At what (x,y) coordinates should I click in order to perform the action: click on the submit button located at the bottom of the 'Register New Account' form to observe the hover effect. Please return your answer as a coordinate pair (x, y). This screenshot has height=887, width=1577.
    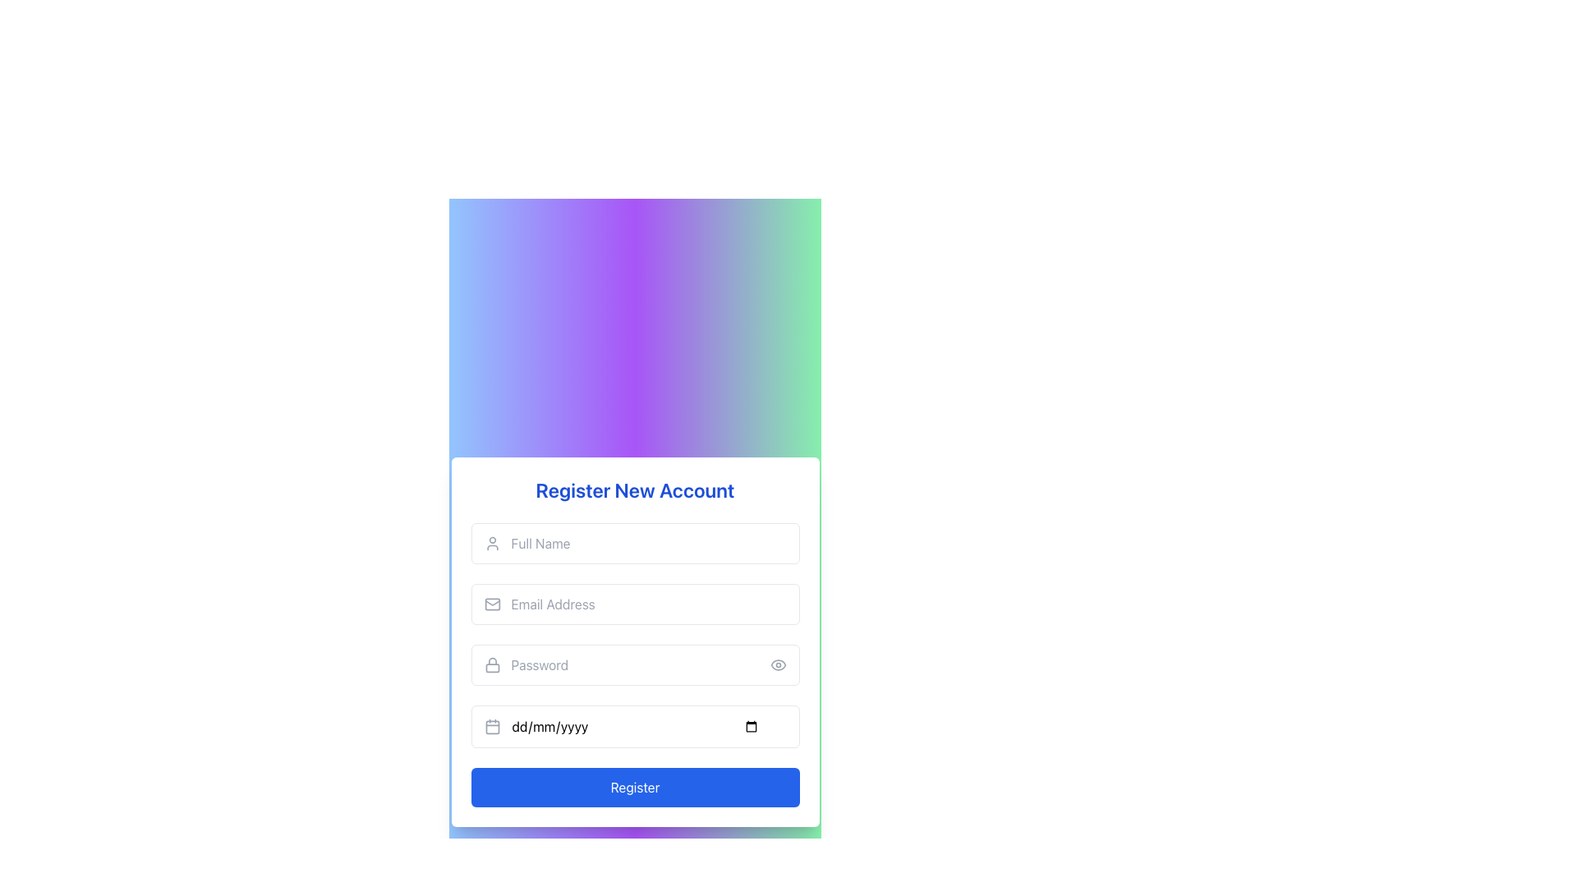
    Looking at the image, I should click on (634, 787).